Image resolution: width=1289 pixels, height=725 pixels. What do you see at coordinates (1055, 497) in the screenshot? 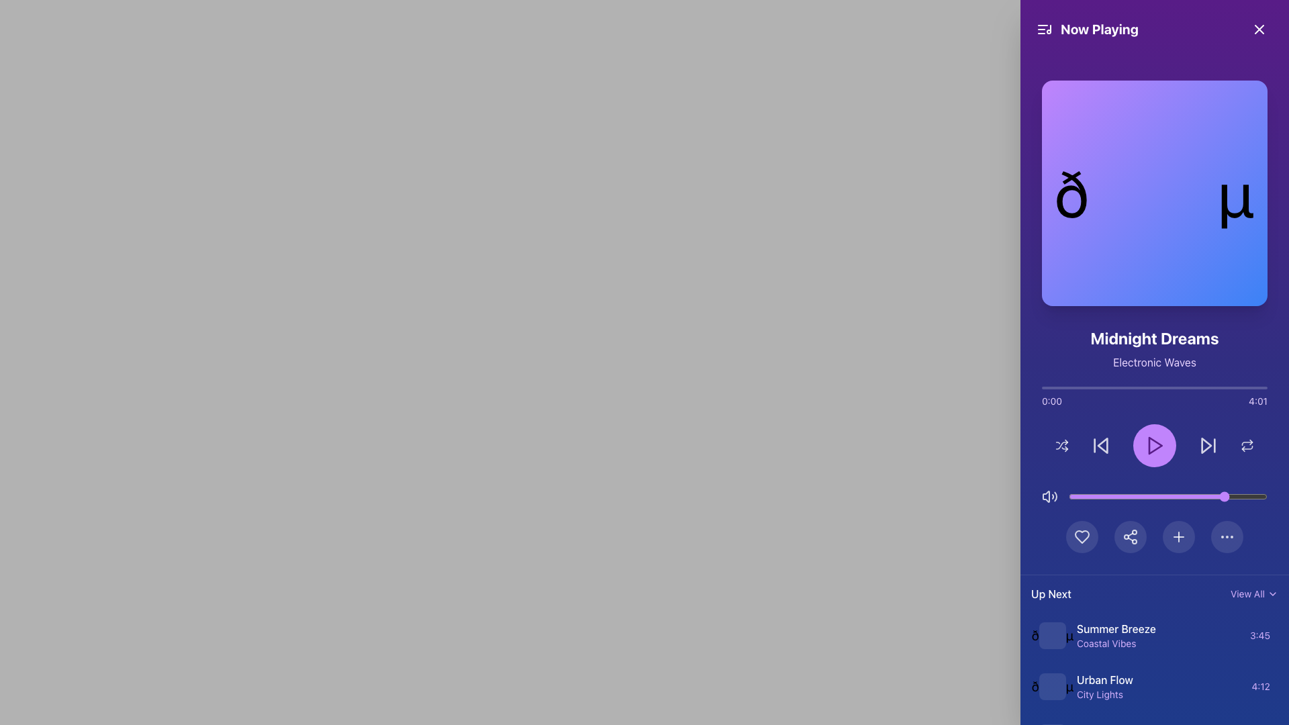
I see `the decorative SVG arc within the volume control icon, located at the top-right corner of the volume control feature` at bounding box center [1055, 497].